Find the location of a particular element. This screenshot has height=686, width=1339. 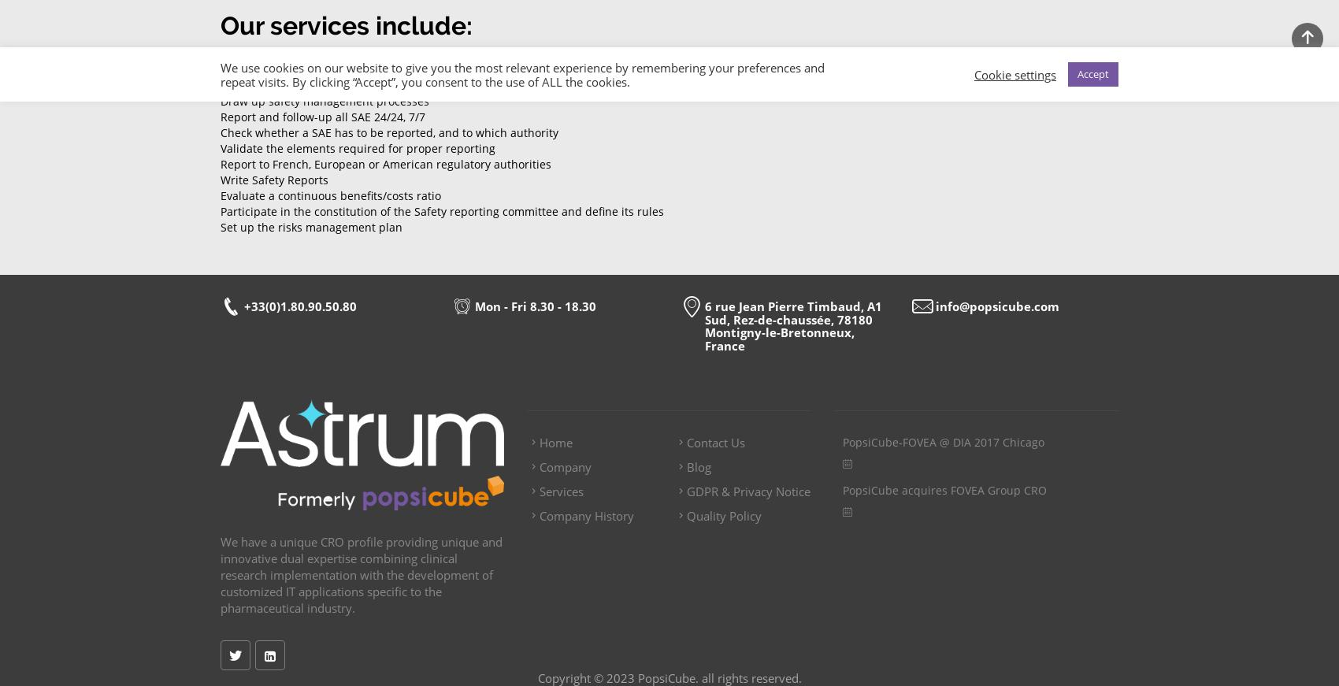

'Contact Us' is located at coordinates (686, 442).